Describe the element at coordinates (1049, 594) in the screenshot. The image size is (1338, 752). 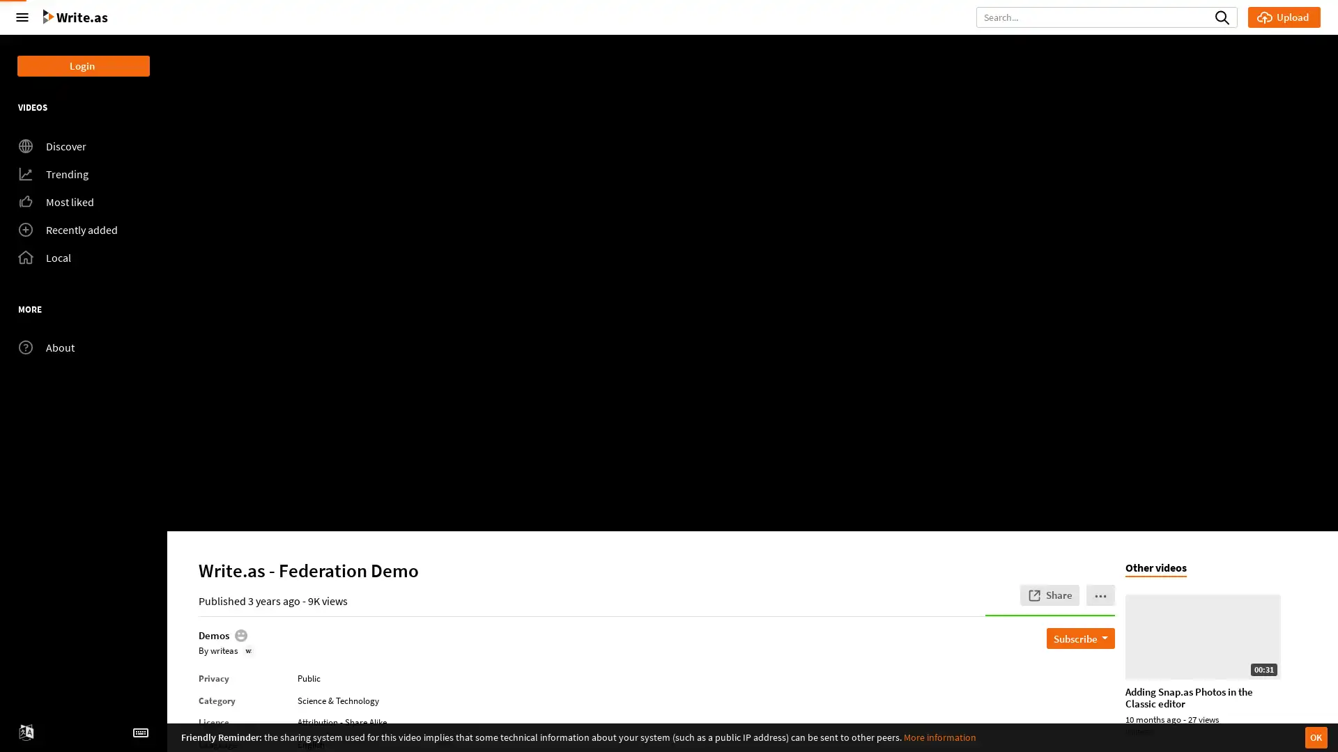
I see `Share` at that location.